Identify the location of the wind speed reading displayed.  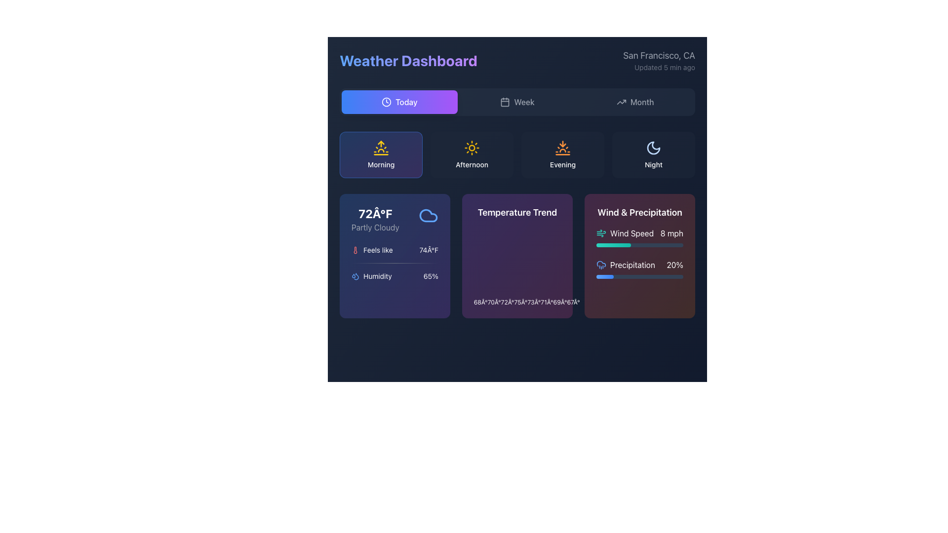
(671, 233).